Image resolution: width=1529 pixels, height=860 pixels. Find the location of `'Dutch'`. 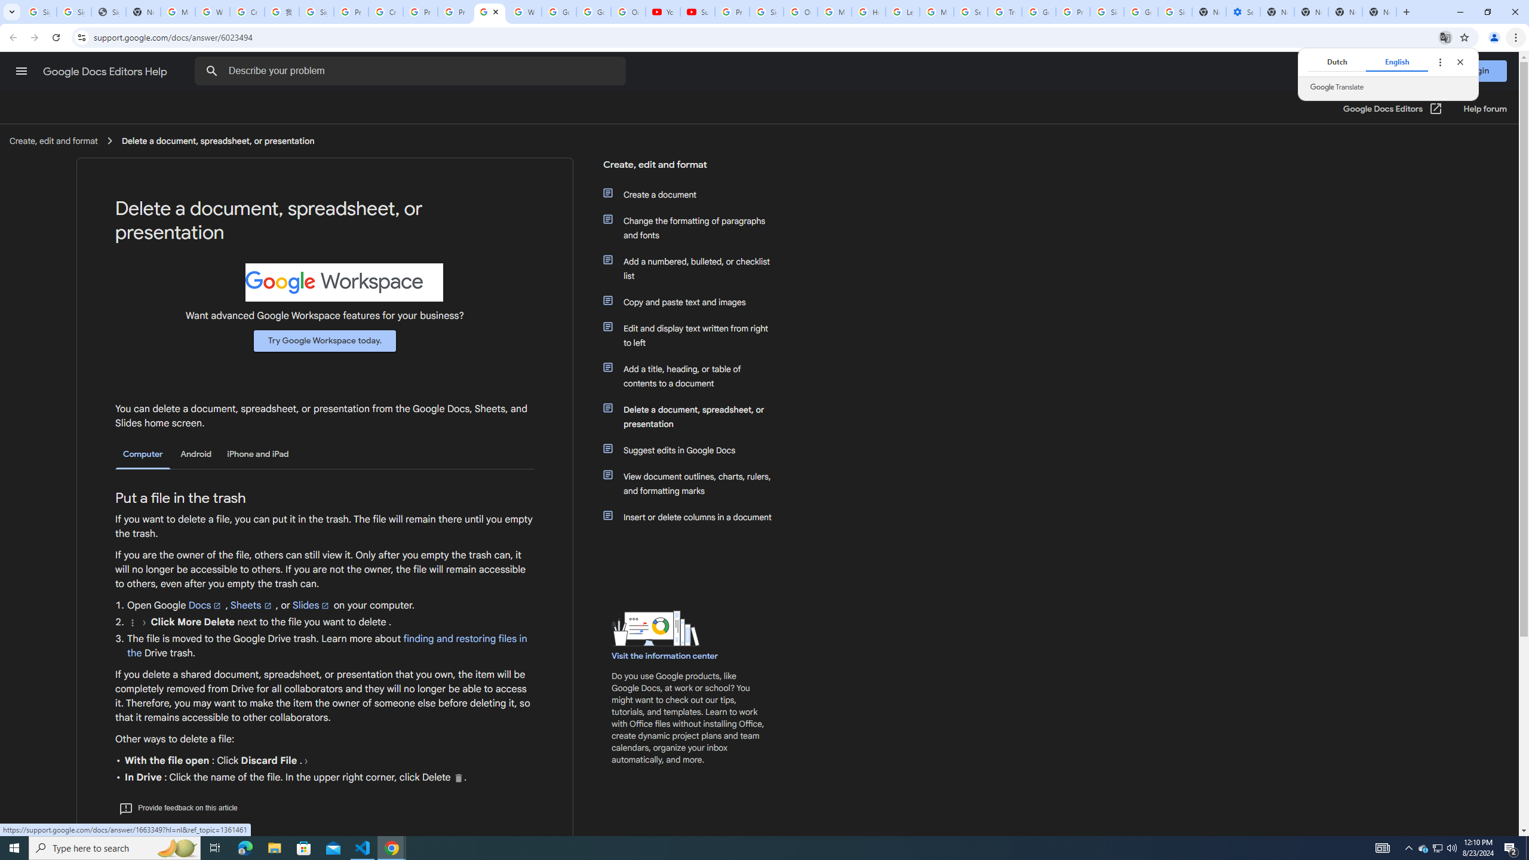

'Dutch' is located at coordinates (1336, 62).